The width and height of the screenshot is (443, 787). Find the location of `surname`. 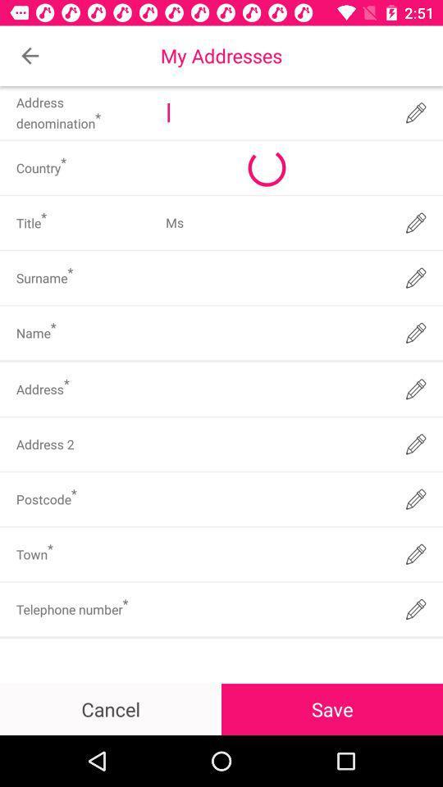

surname is located at coordinates (275, 278).